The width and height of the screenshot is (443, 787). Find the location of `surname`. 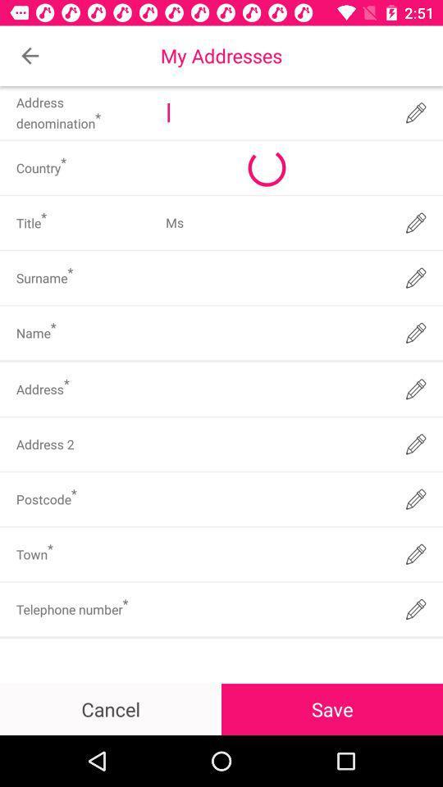

surname is located at coordinates (275, 278).